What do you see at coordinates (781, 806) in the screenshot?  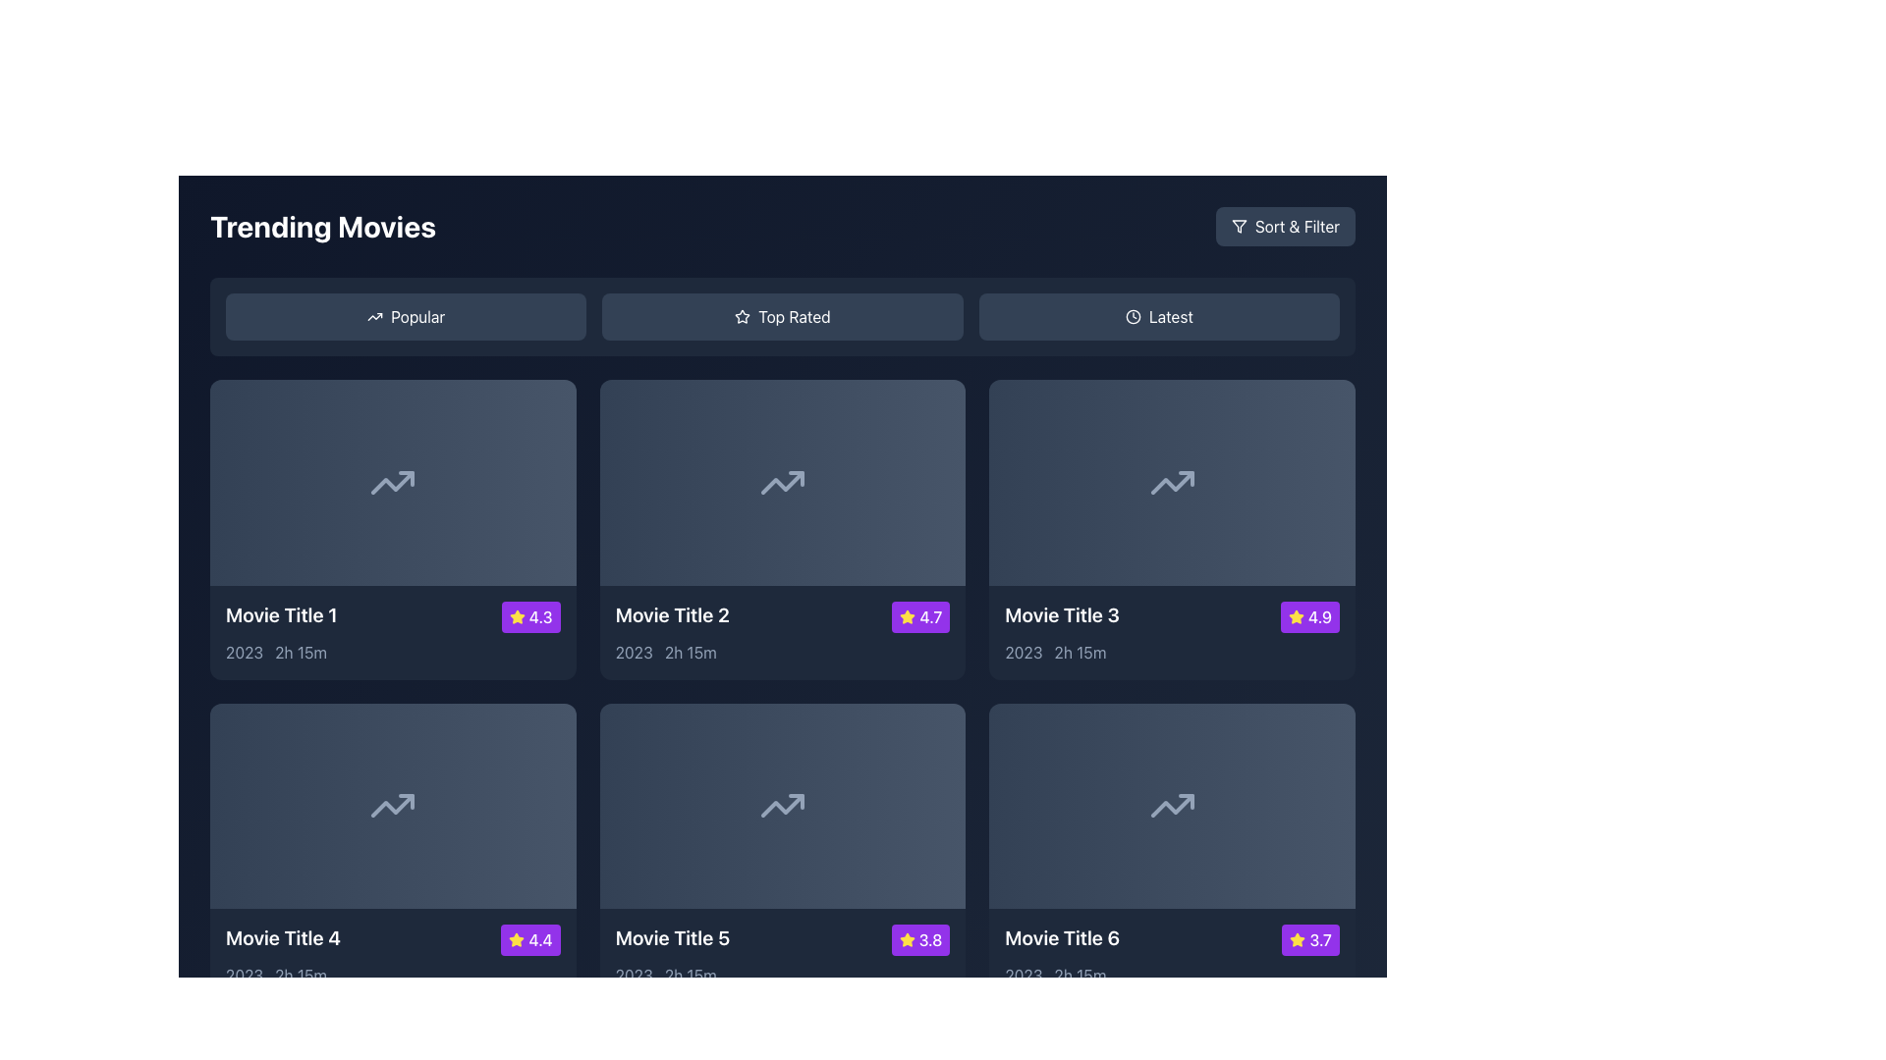 I see `the graphic icon representing the trending metric for 'Movie Title 5' in the second row and column of the grid` at bounding box center [781, 806].